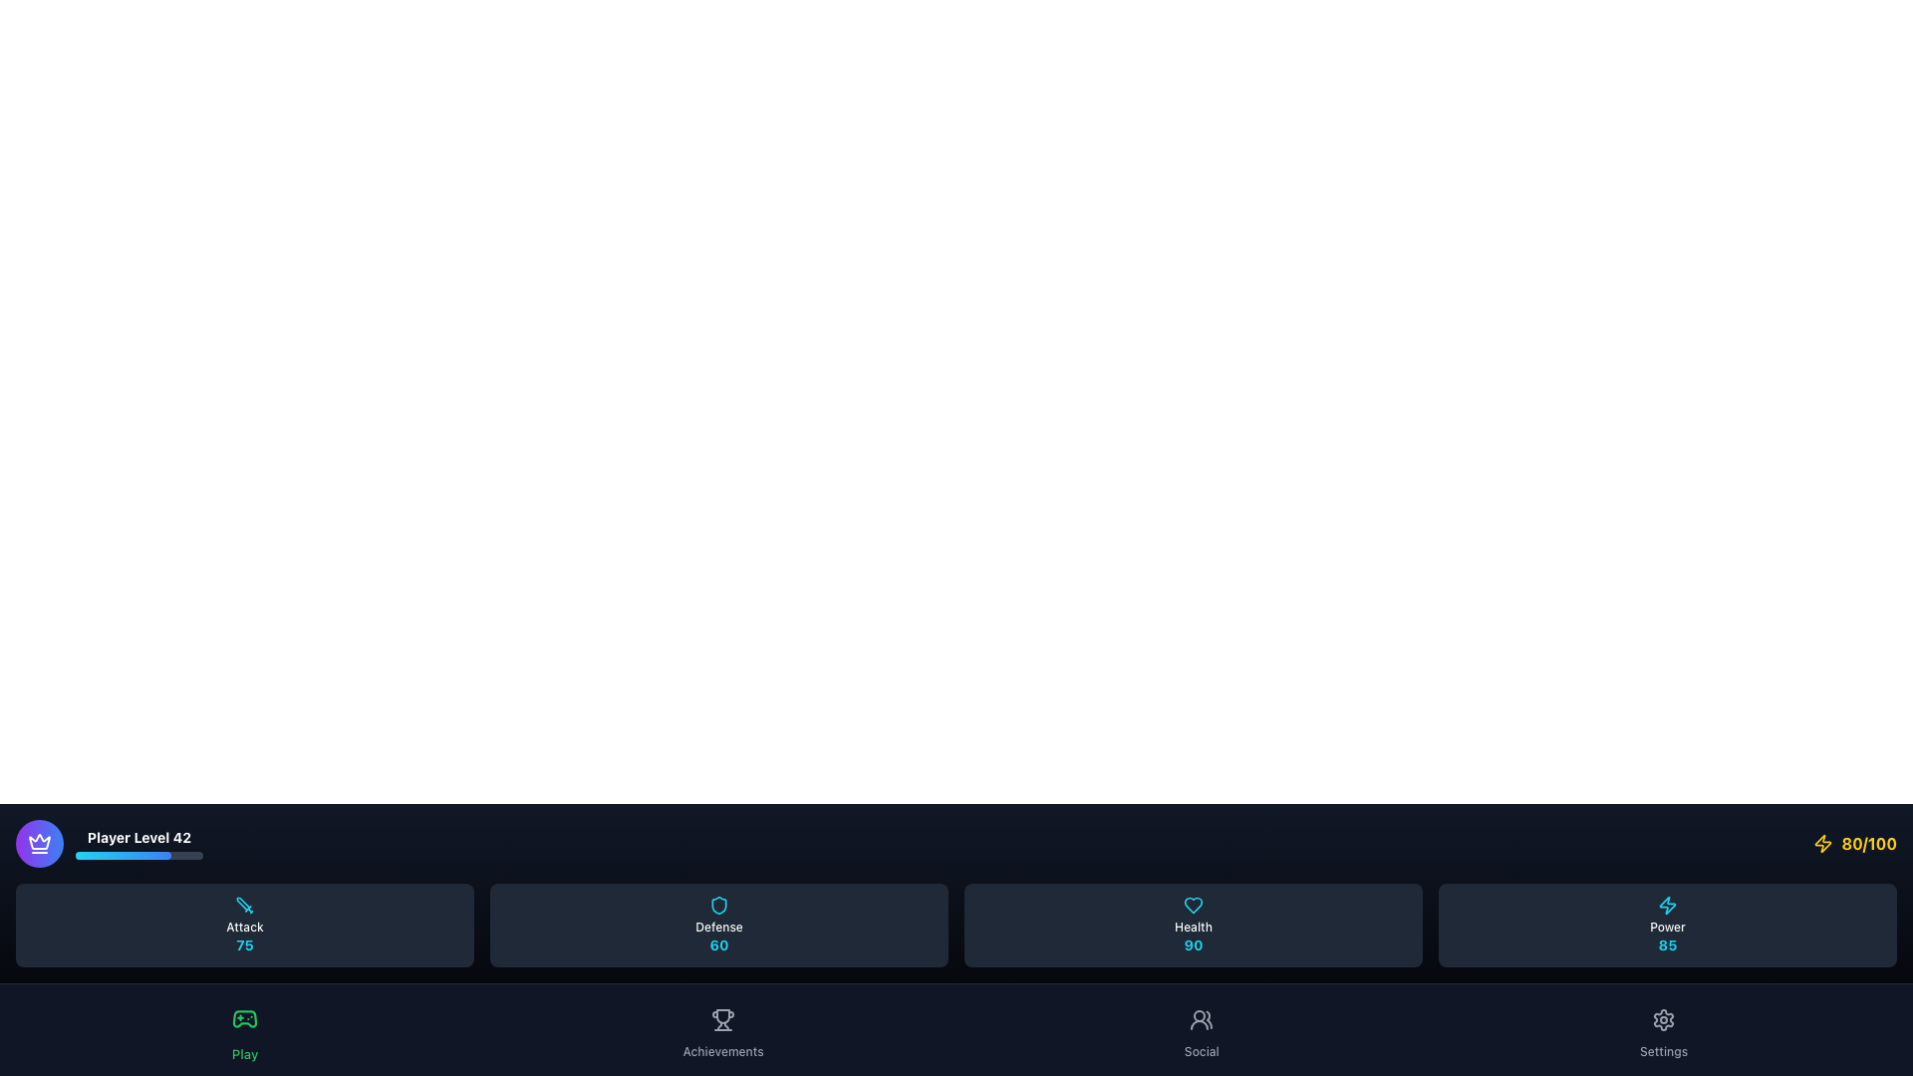 Image resolution: width=1913 pixels, height=1076 pixels. I want to click on the green outline of the game controller icon in the footer navigation bar, which is the second icon from the left within the 'Play' group, so click(243, 1018).